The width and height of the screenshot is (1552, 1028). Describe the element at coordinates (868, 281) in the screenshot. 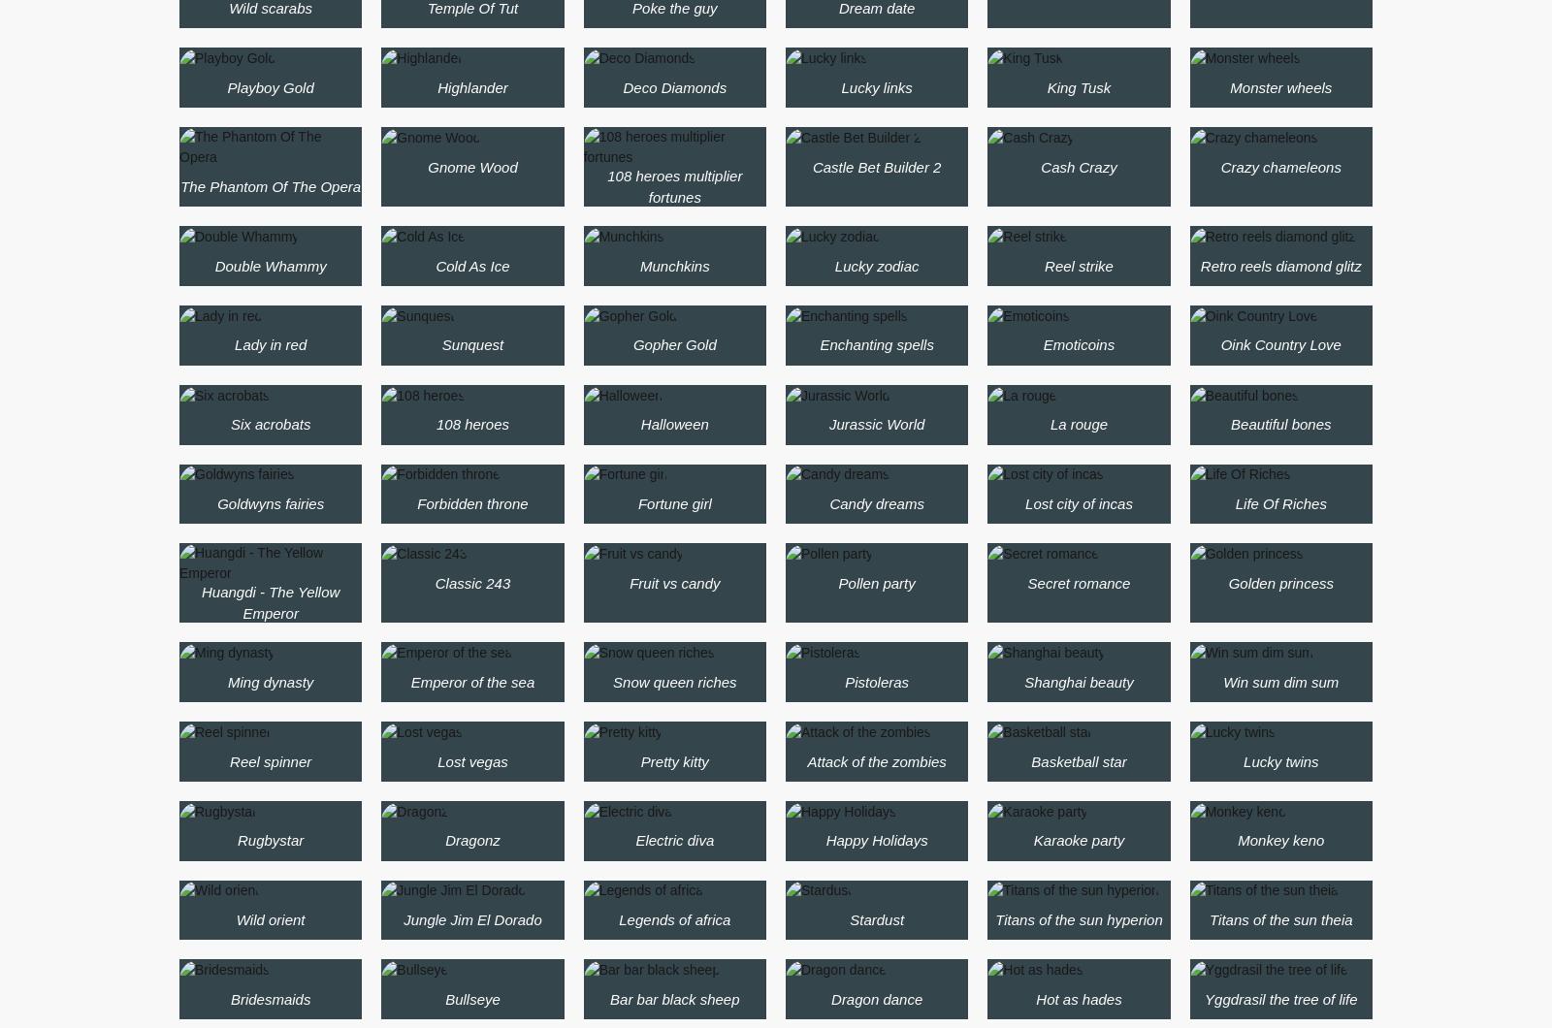

I see `'Golden Gorgon slot'` at that location.